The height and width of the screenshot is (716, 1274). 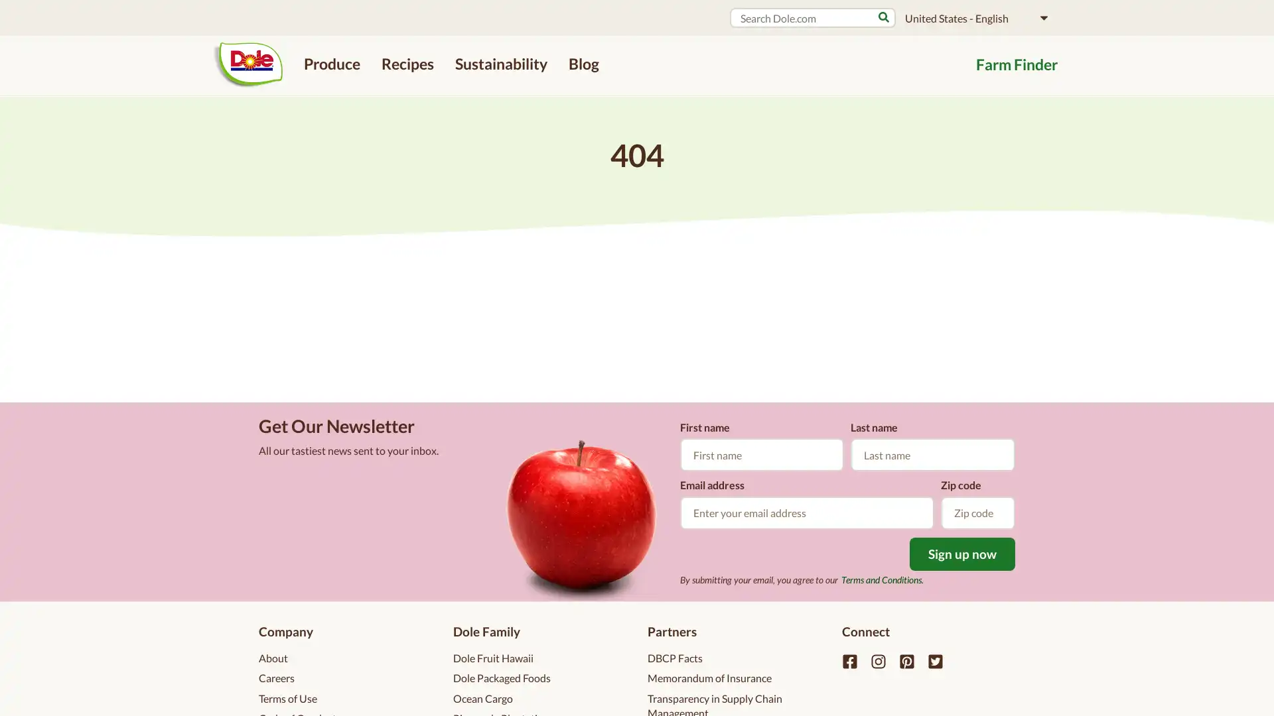 What do you see at coordinates (883, 17) in the screenshot?
I see `Search Dole.com` at bounding box center [883, 17].